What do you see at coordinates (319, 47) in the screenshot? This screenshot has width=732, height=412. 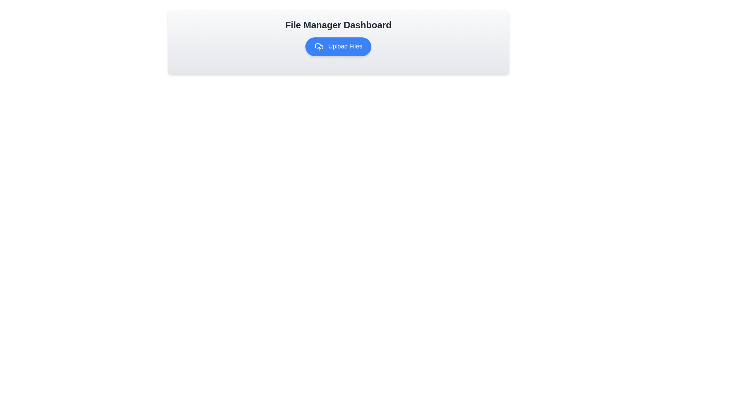 I see `the decorative upload icon located within the blue button, aligned to the left of the 'Upload Files' text` at bounding box center [319, 47].